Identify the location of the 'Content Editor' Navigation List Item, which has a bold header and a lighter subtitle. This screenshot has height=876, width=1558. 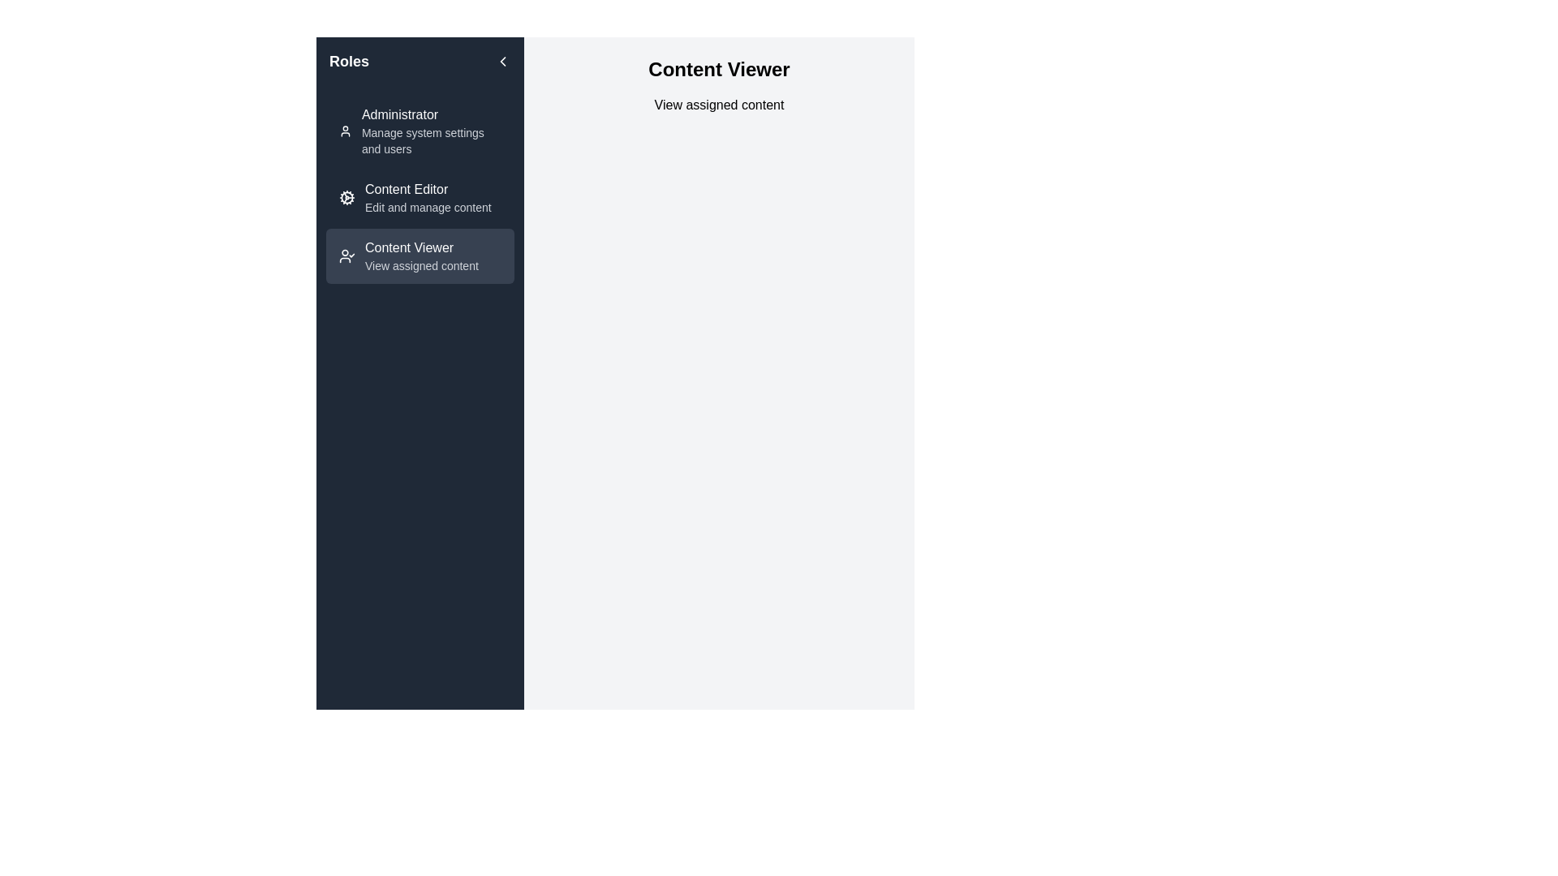
(428, 196).